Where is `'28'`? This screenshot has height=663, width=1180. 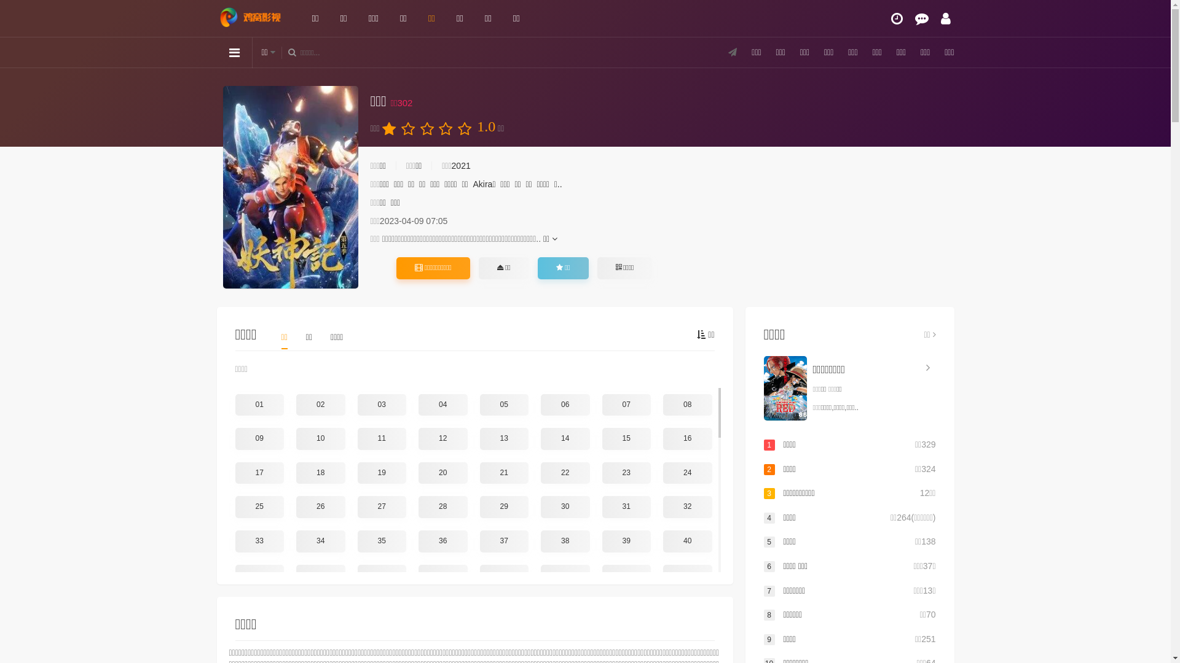
'28' is located at coordinates (442, 506).